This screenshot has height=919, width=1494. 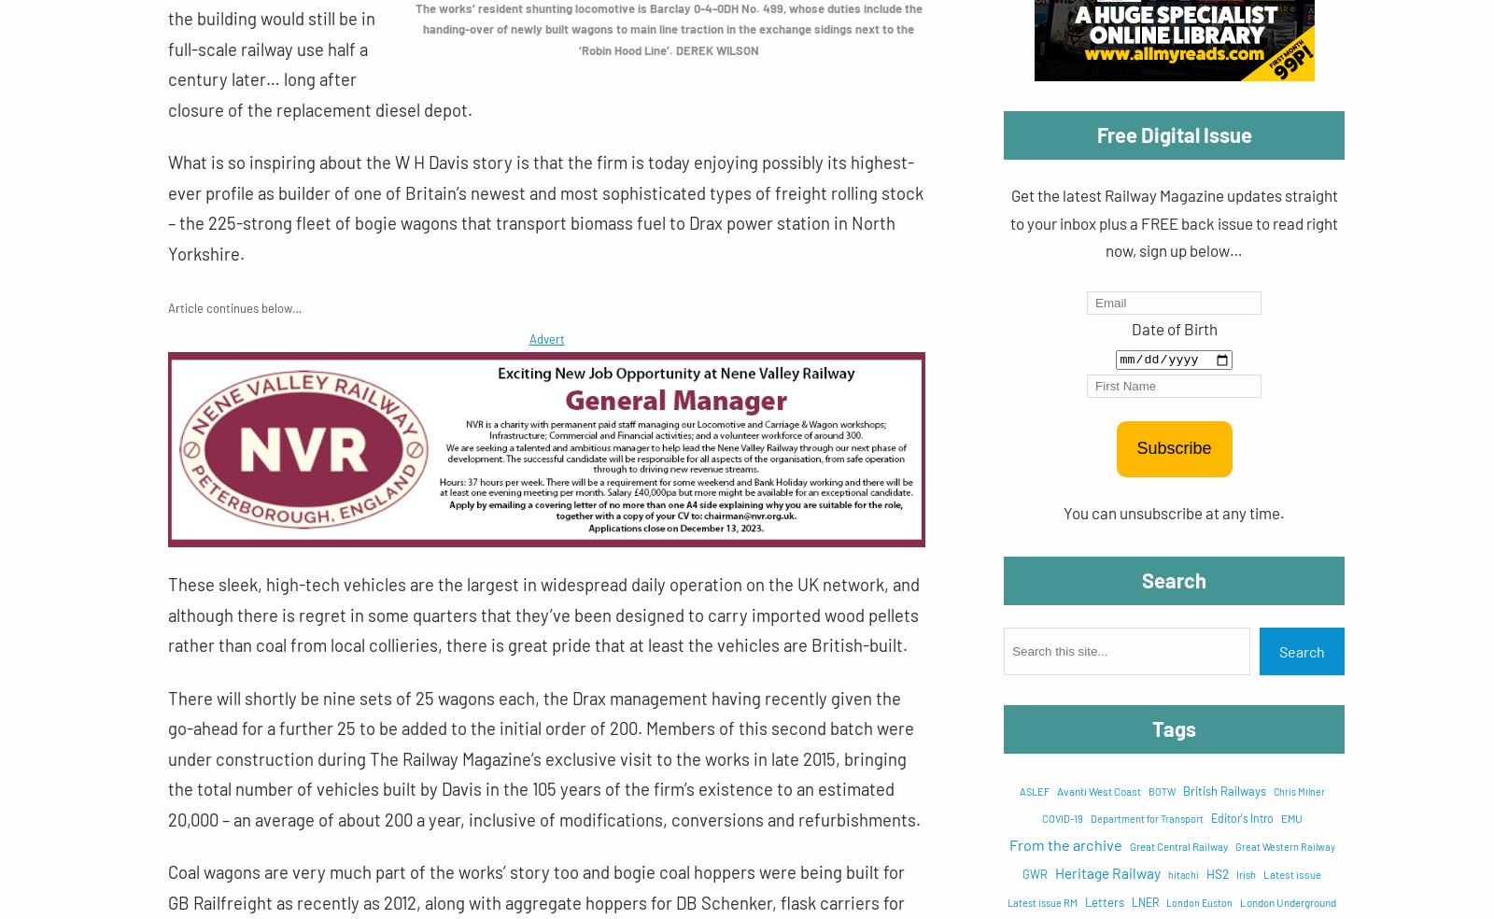 I want to click on 'What is so inspiring about the W H Davis story is that the firm is today enjoying possibly its highest-ever profile as builder of one of Britain’s newest and most sophisticated types of freight rolling stock – the 225-strong fleet of bogie wagons that transport biomass fuel to Drax power station in North Yorkshire.', so click(x=544, y=206).